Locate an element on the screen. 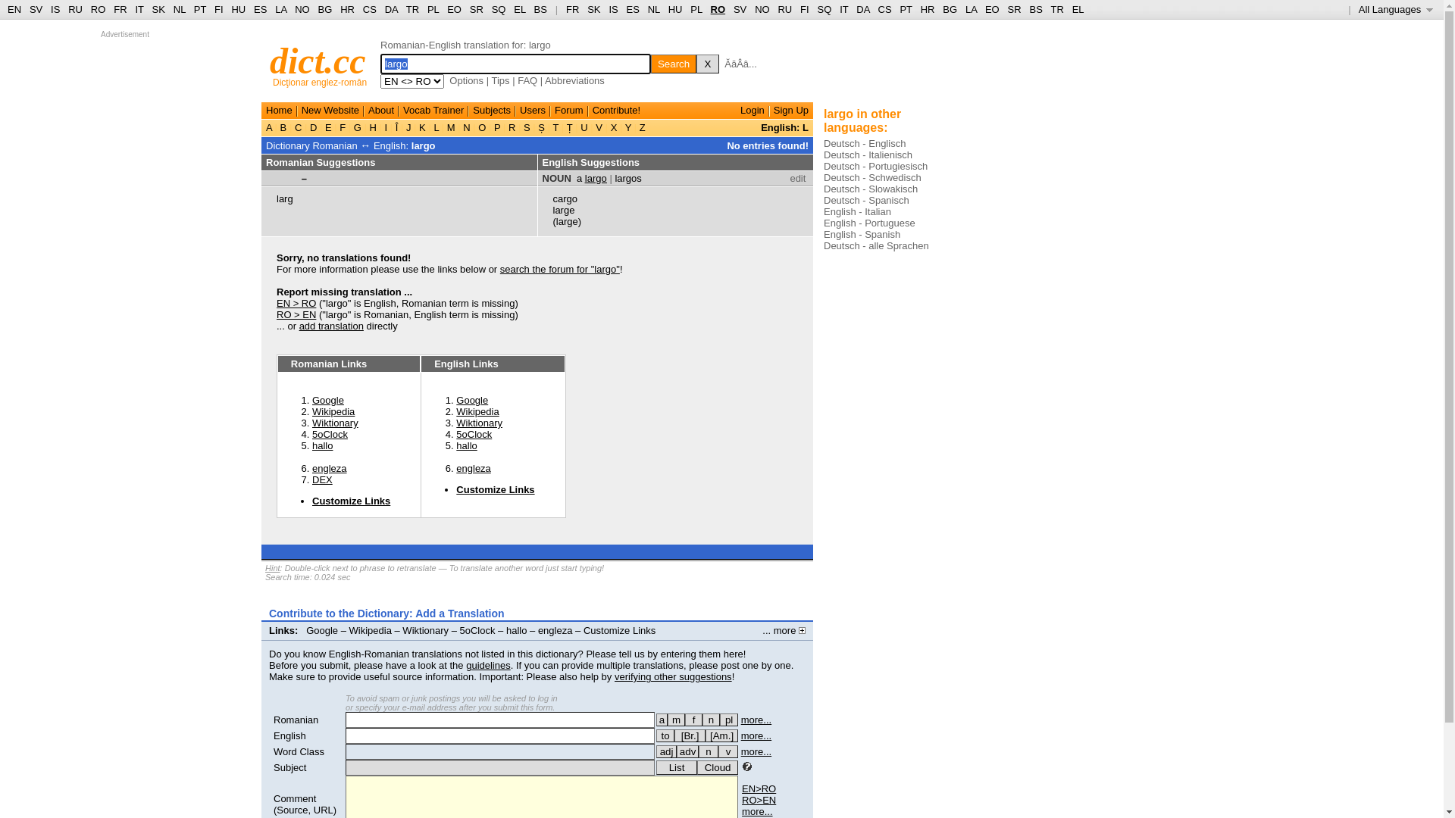 This screenshot has height=818, width=1455. 'for verbs' is located at coordinates (665, 735).